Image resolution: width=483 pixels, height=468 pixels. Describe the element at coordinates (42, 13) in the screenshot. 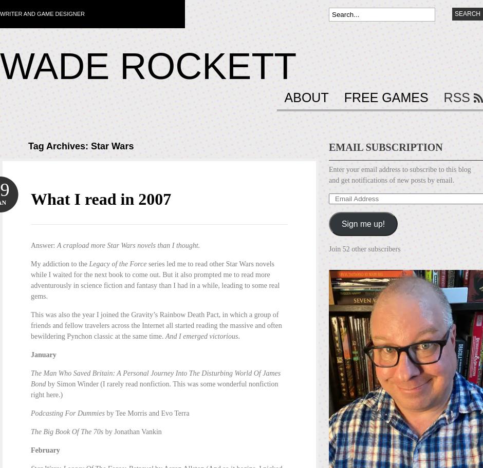

I see `'writer and game designer'` at that location.